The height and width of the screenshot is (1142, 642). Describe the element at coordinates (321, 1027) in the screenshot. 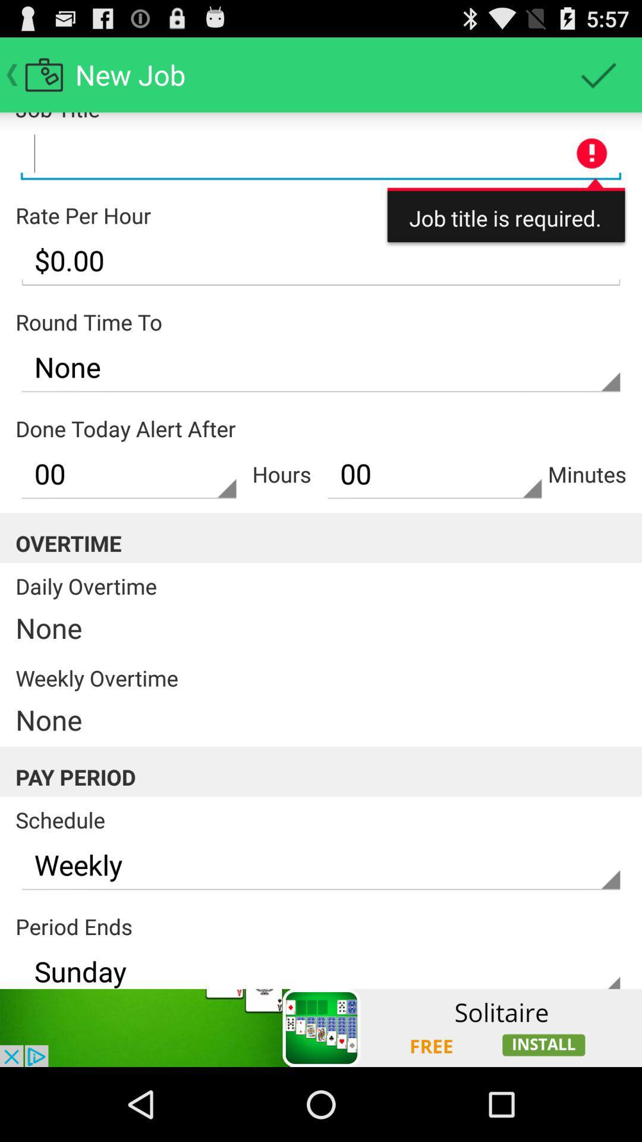

I see `click on the advertisement` at that location.